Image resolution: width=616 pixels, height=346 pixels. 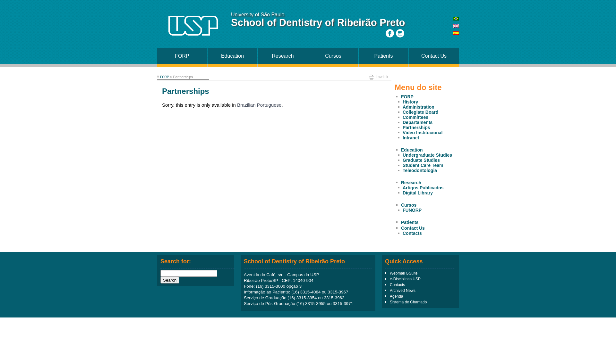 What do you see at coordinates (420, 112) in the screenshot?
I see `'Collegiate Board'` at bounding box center [420, 112].